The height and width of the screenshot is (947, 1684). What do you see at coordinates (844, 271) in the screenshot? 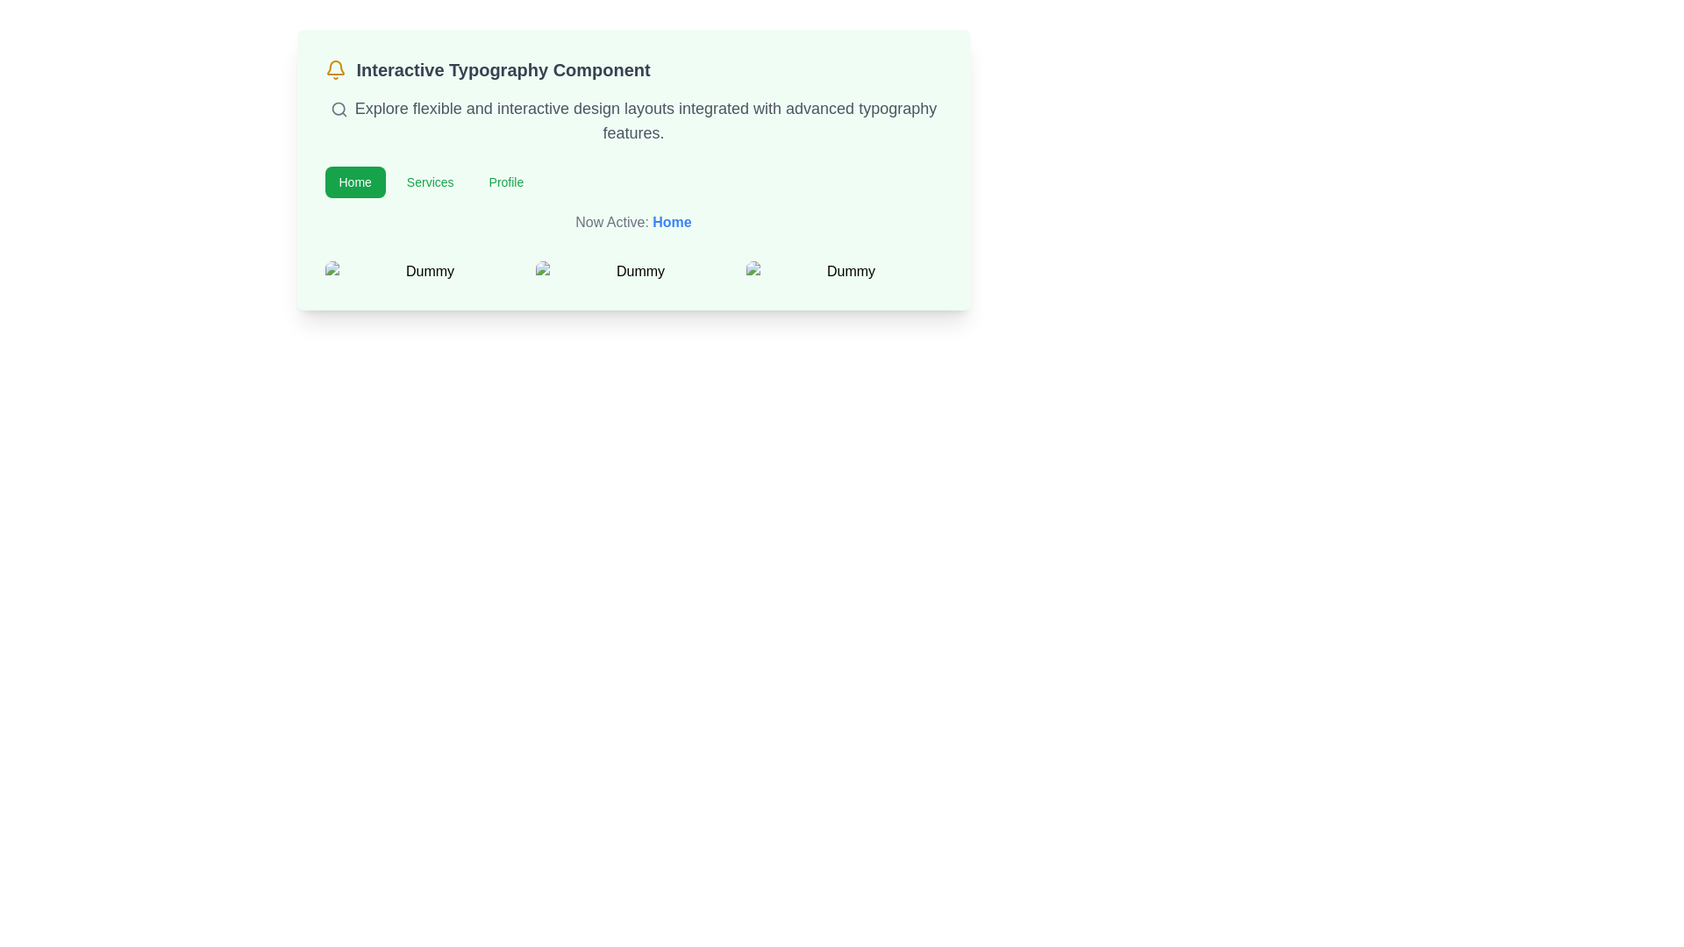
I see `the Combined element consisting of an image placeholder icon and the text 'Dummy', located in the bottom right segment of a three-column grid layout` at bounding box center [844, 271].